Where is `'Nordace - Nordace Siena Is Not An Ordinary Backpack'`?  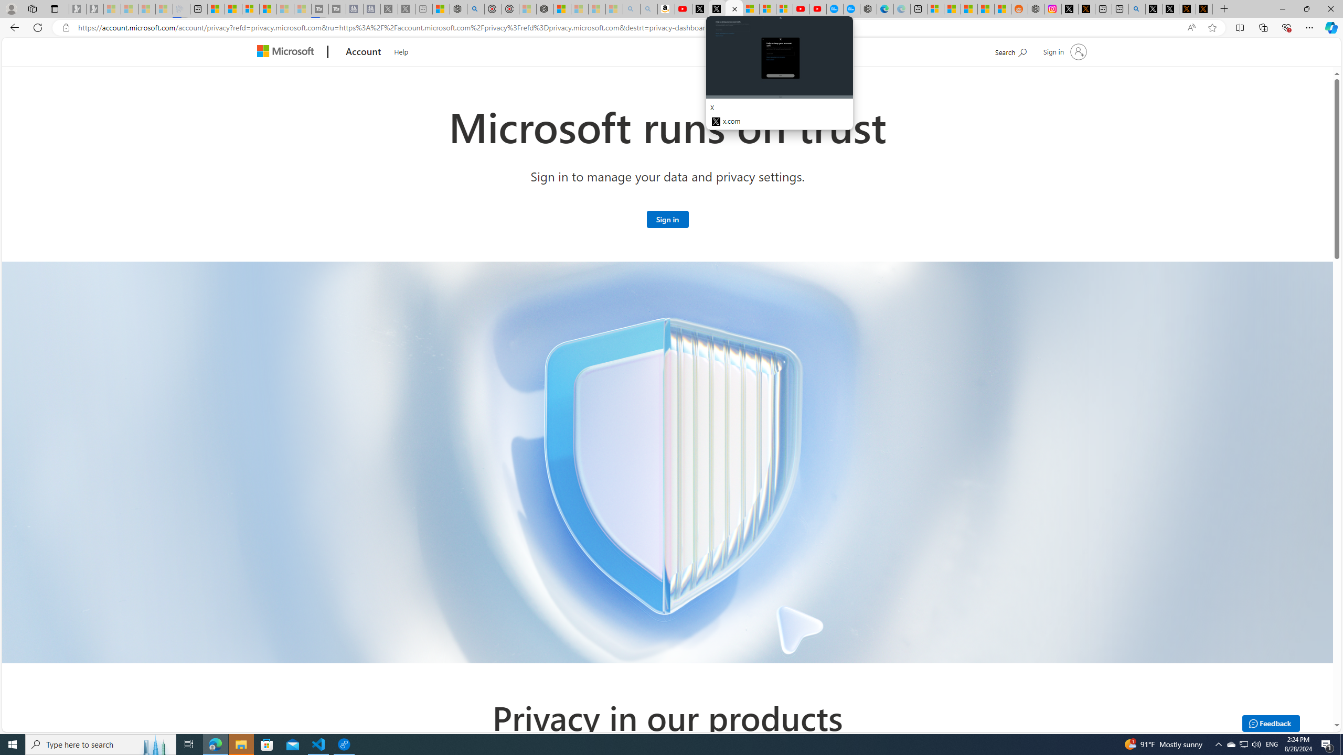
'Nordace - Nordace Siena Is Not An Ordinary Backpack' is located at coordinates (545, 8).